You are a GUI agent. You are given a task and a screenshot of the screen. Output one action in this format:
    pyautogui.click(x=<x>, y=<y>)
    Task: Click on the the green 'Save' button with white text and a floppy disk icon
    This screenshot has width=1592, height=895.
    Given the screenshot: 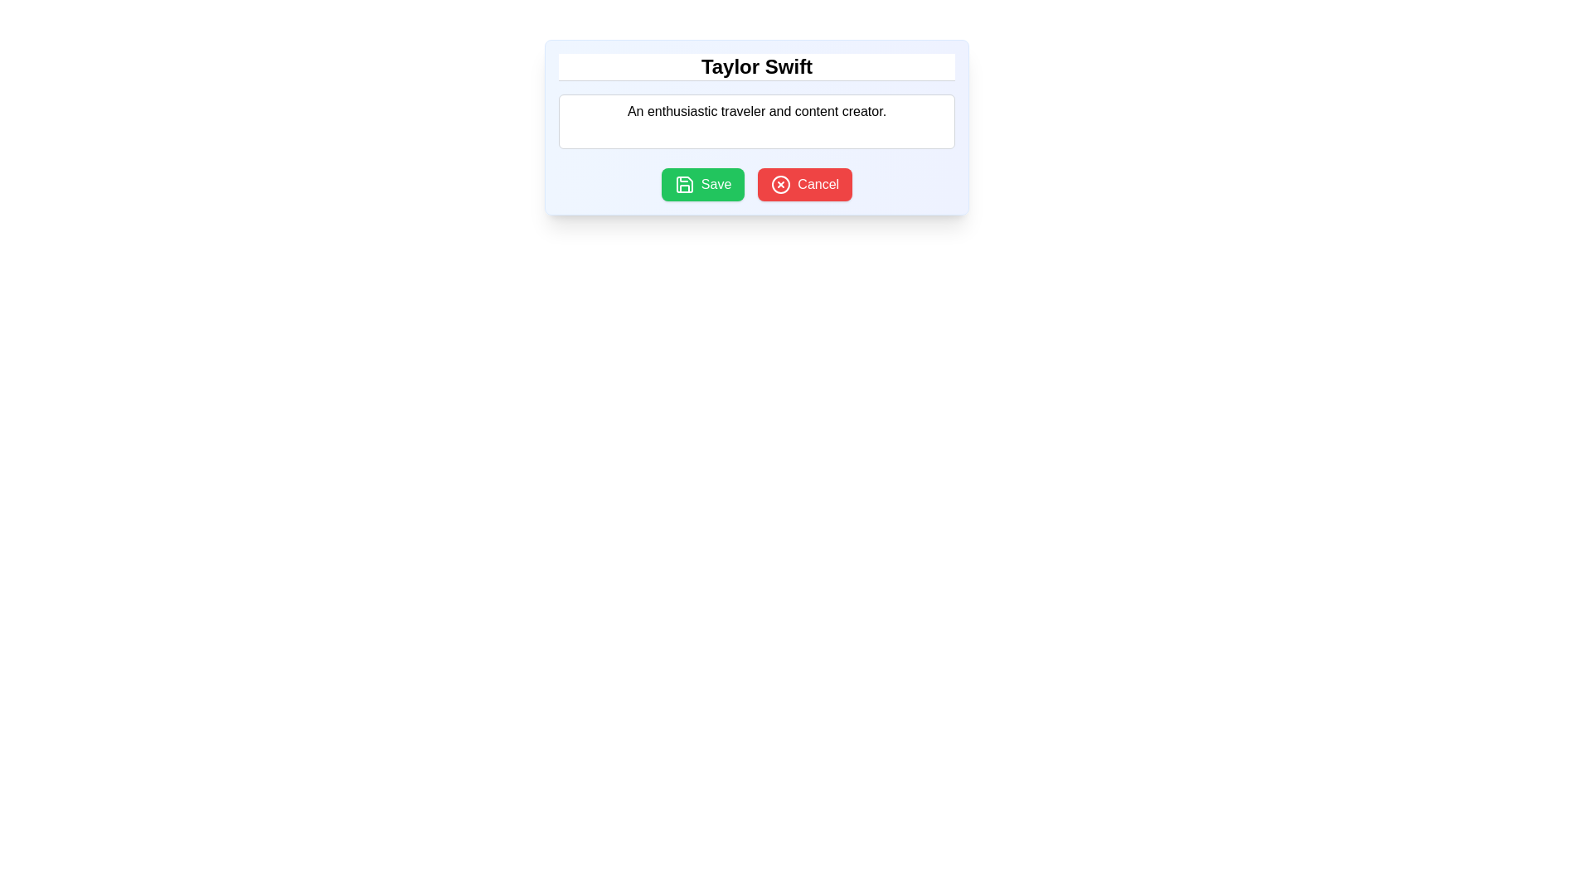 What is the action you would take?
    pyautogui.click(x=703, y=185)
    